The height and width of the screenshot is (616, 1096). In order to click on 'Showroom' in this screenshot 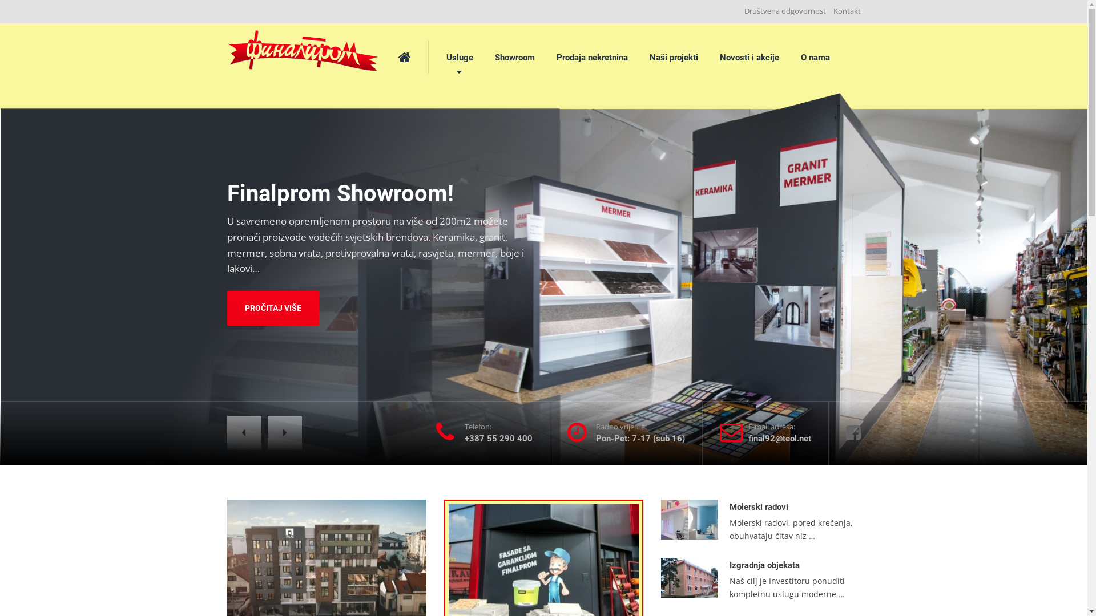, I will do `click(514, 57)`.